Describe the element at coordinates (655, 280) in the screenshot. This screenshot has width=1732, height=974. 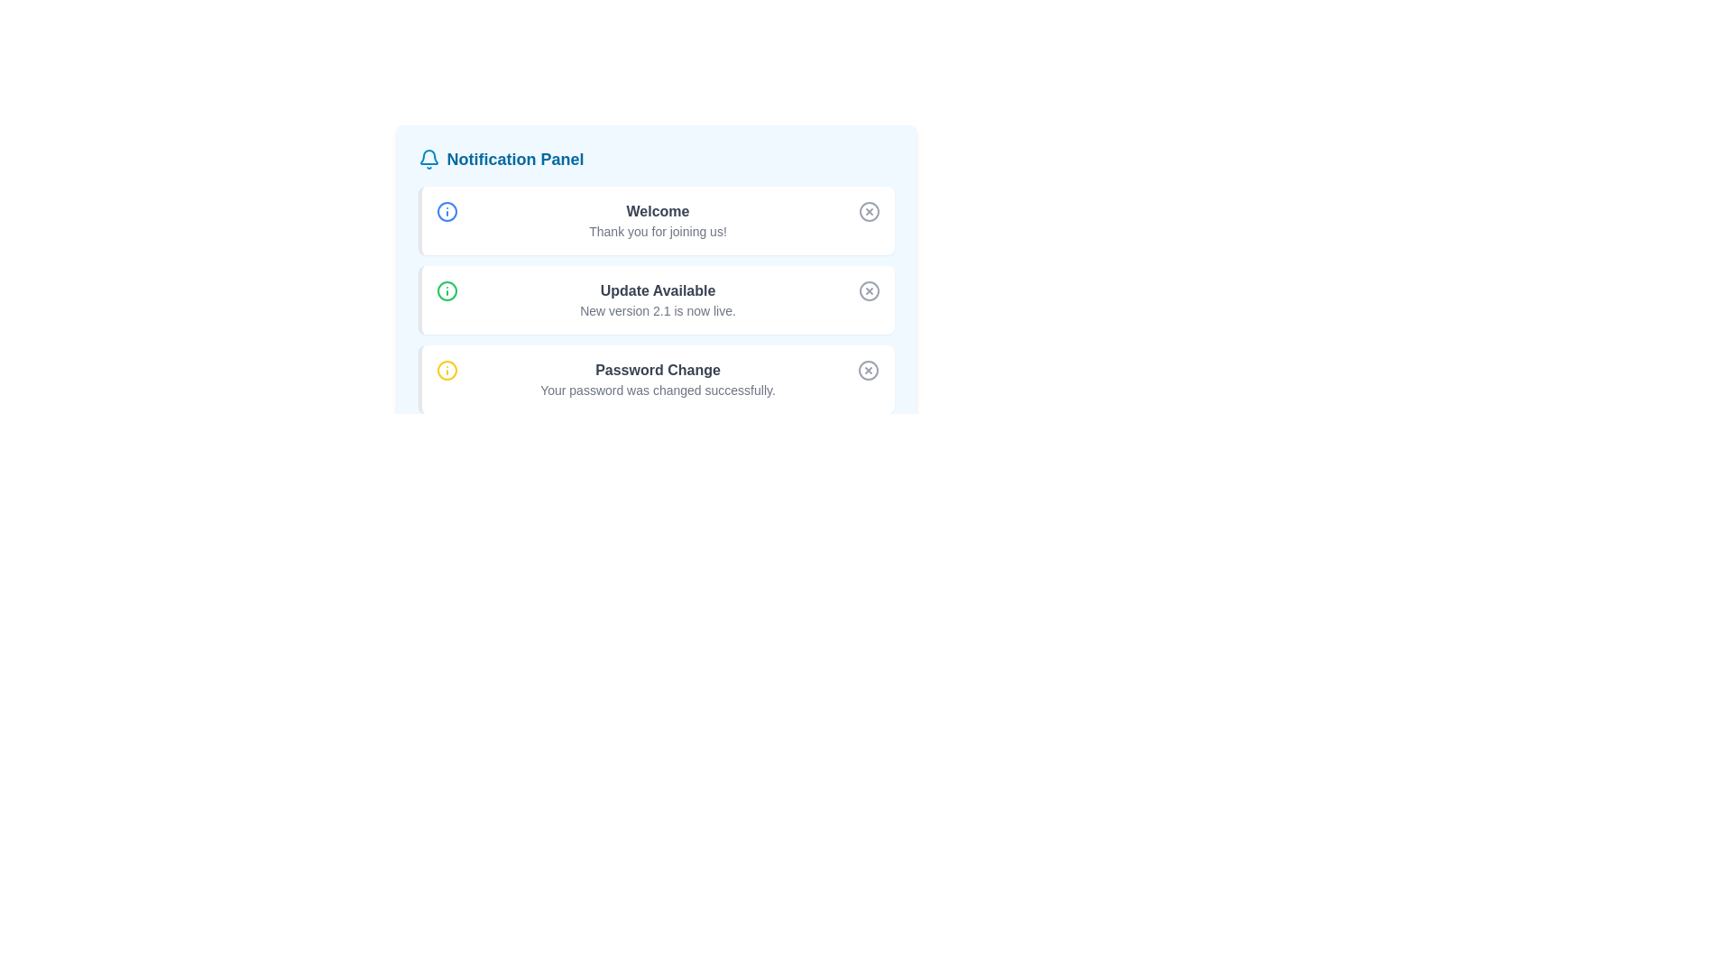
I see `the Notification Box that informs users about the availability of a new version update, which is centrally located in the Notification Panel as the second of three stacked notification boxes` at that location.